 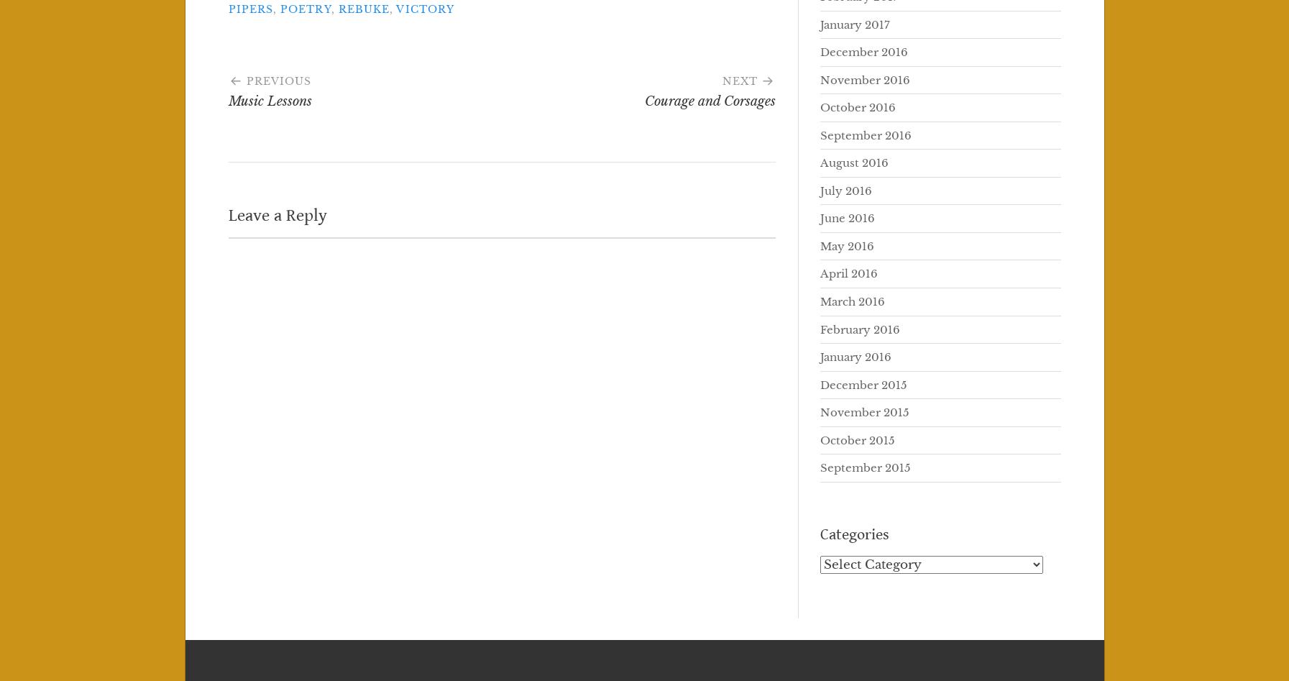 What do you see at coordinates (395, 9) in the screenshot?
I see `'Victory'` at bounding box center [395, 9].